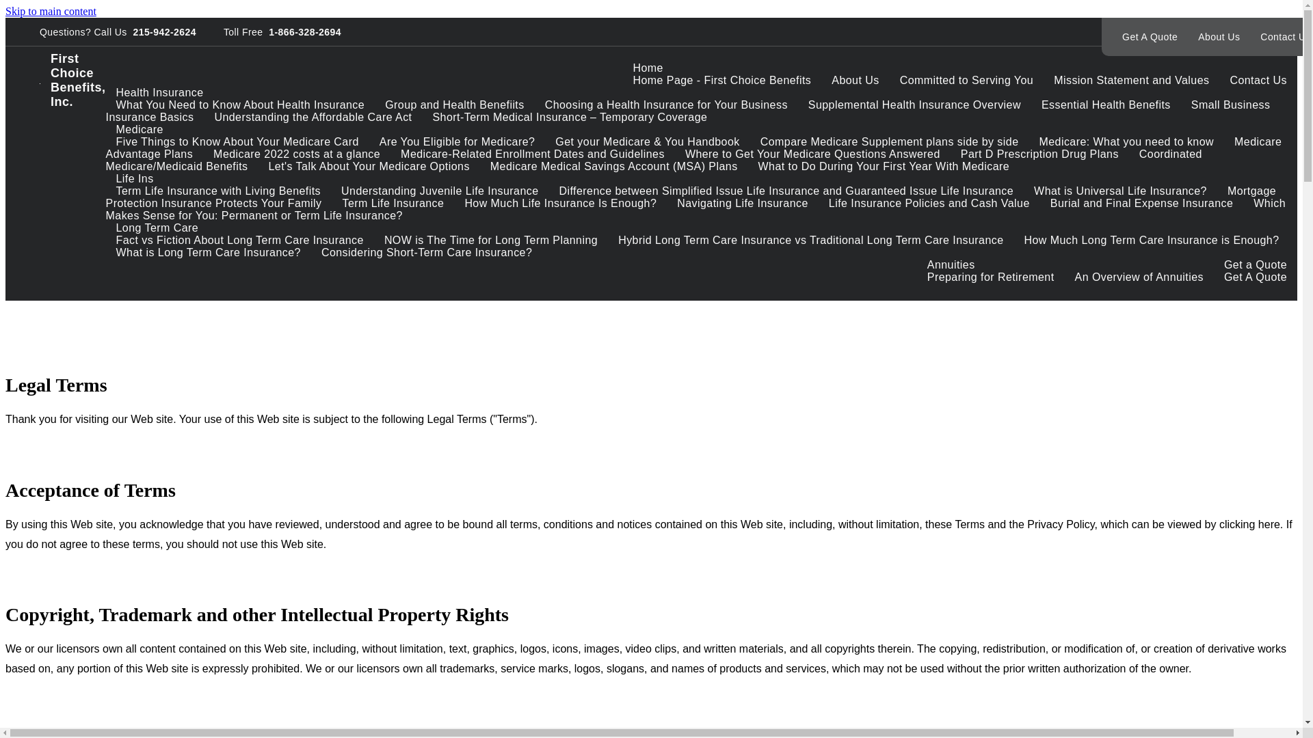 The image size is (1313, 738). Describe the element at coordinates (646, 141) in the screenshot. I see `'Get your Medicare & You Handbook'` at that location.